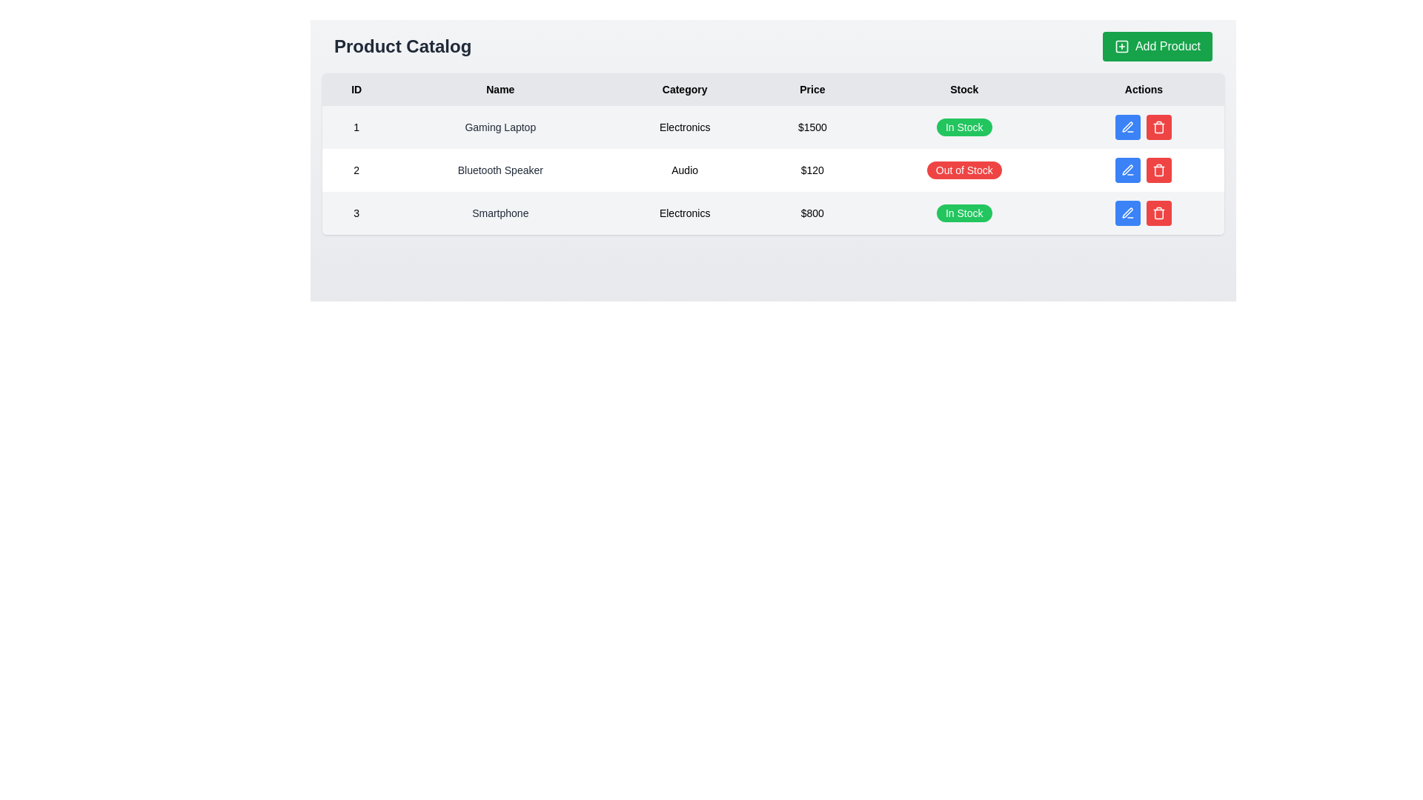 The height and width of the screenshot is (800, 1423). Describe the element at coordinates (1143, 89) in the screenshot. I see `the Table Header Cell indicating the 'Actions' column in the Product Catalog table` at that location.